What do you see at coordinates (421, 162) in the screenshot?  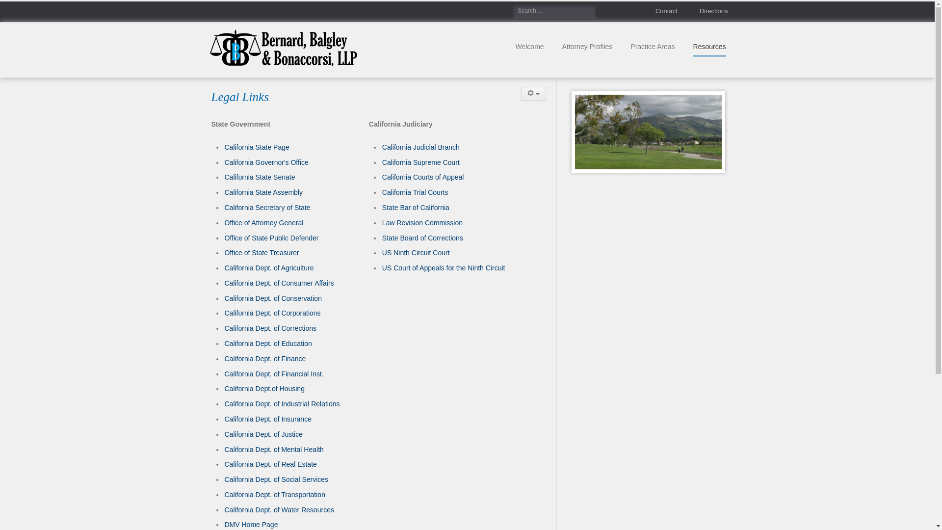 I see `'California Supreme Court'` at bounding box center [421, 162].